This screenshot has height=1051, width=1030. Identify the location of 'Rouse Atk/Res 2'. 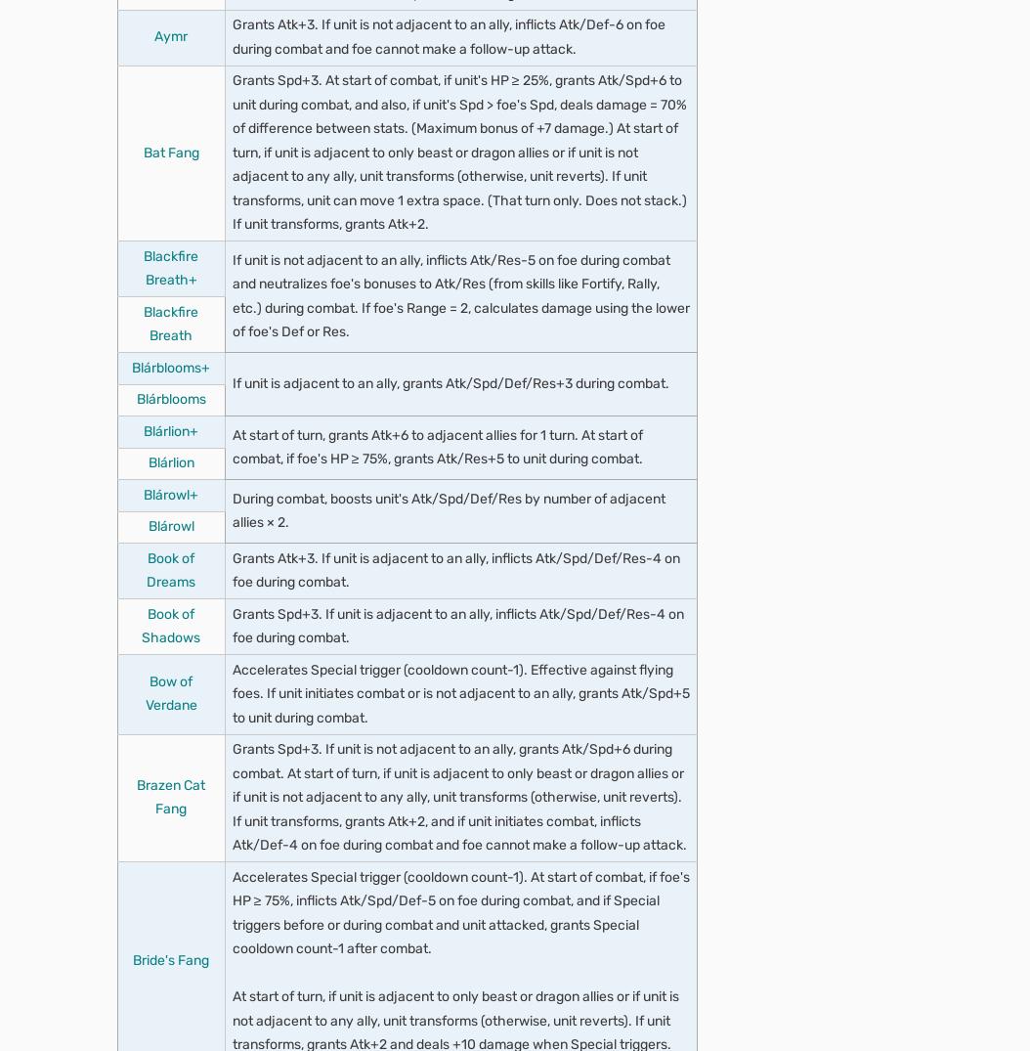
(173, 43).